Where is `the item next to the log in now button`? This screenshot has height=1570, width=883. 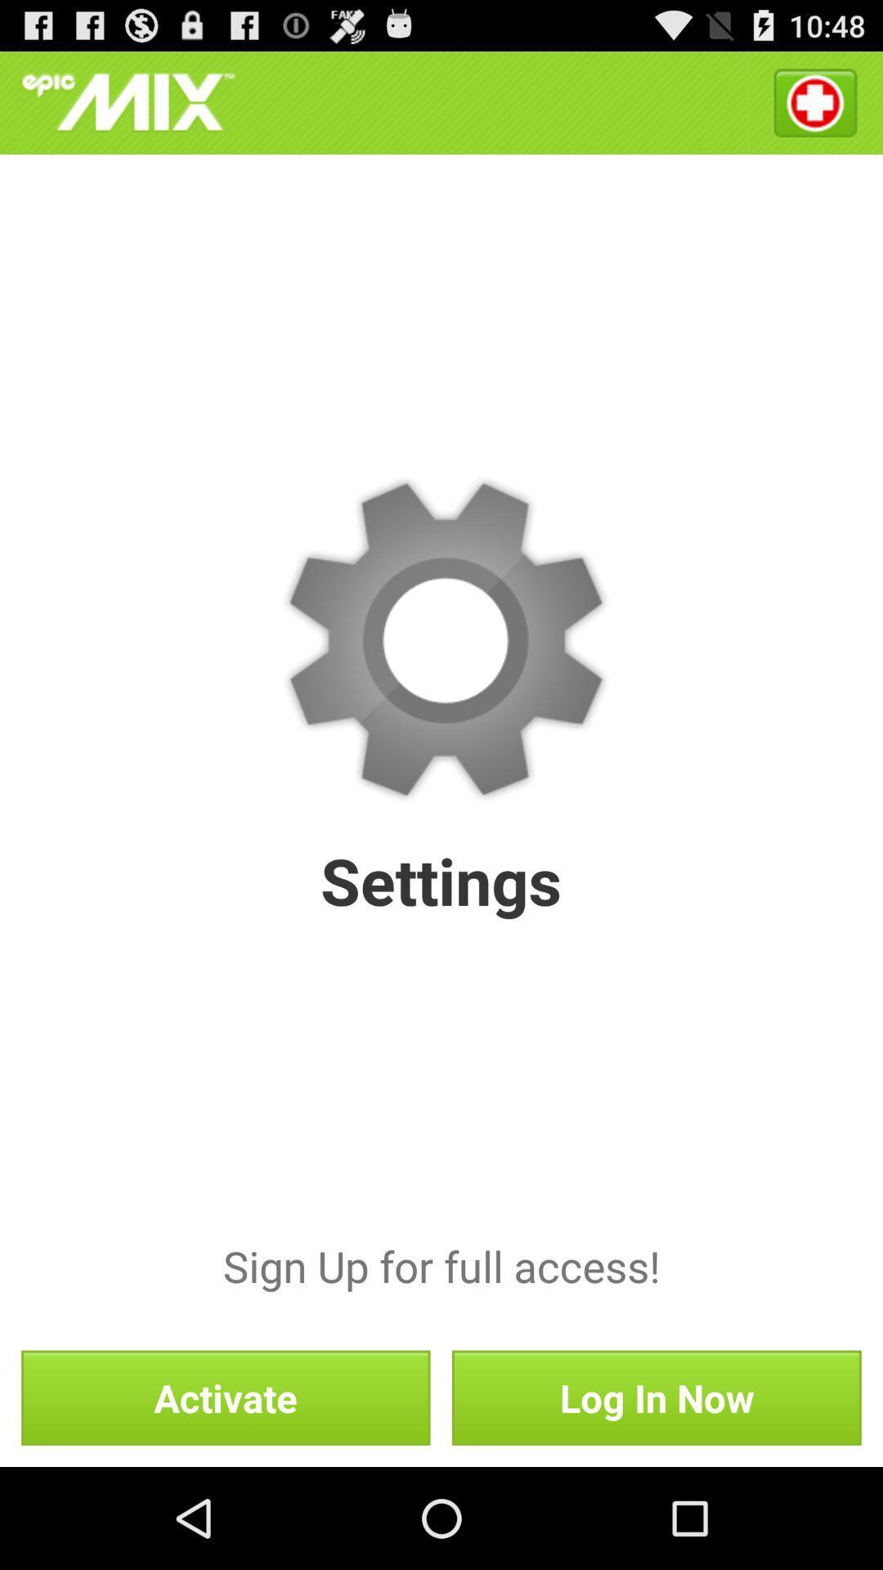 the item next to the log in now button is located at coordinates (226, 1397).